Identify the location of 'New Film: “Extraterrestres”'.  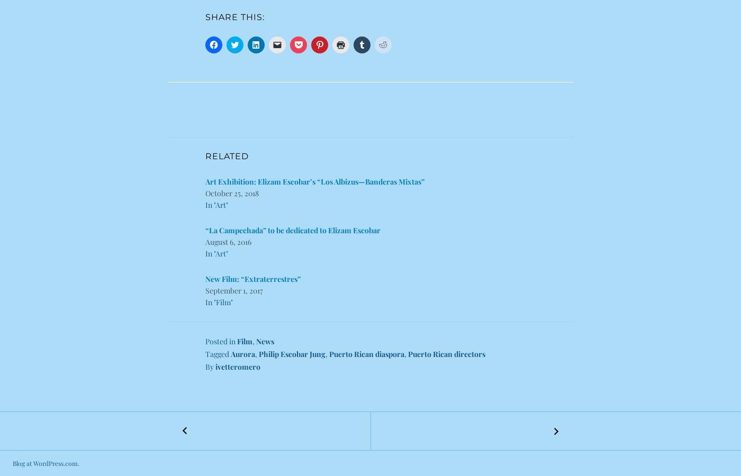
(252, 278).